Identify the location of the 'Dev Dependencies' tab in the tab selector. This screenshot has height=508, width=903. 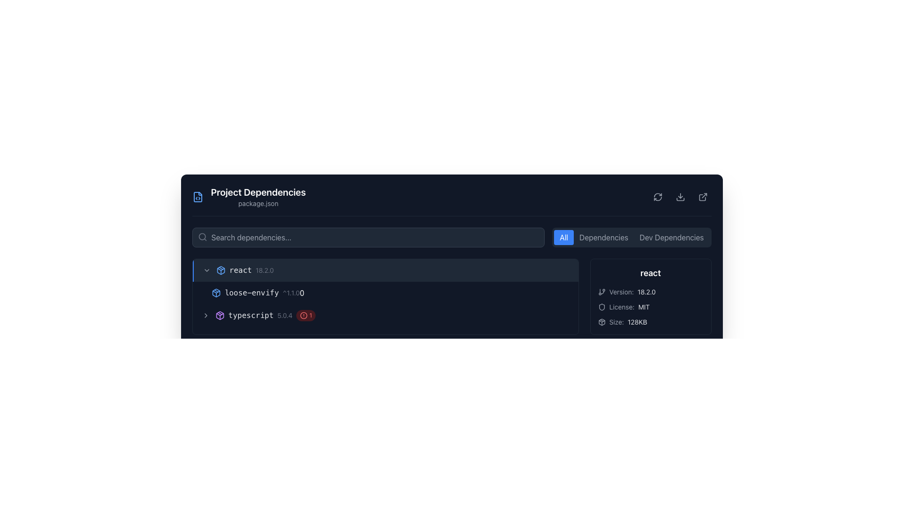
(632, 237).